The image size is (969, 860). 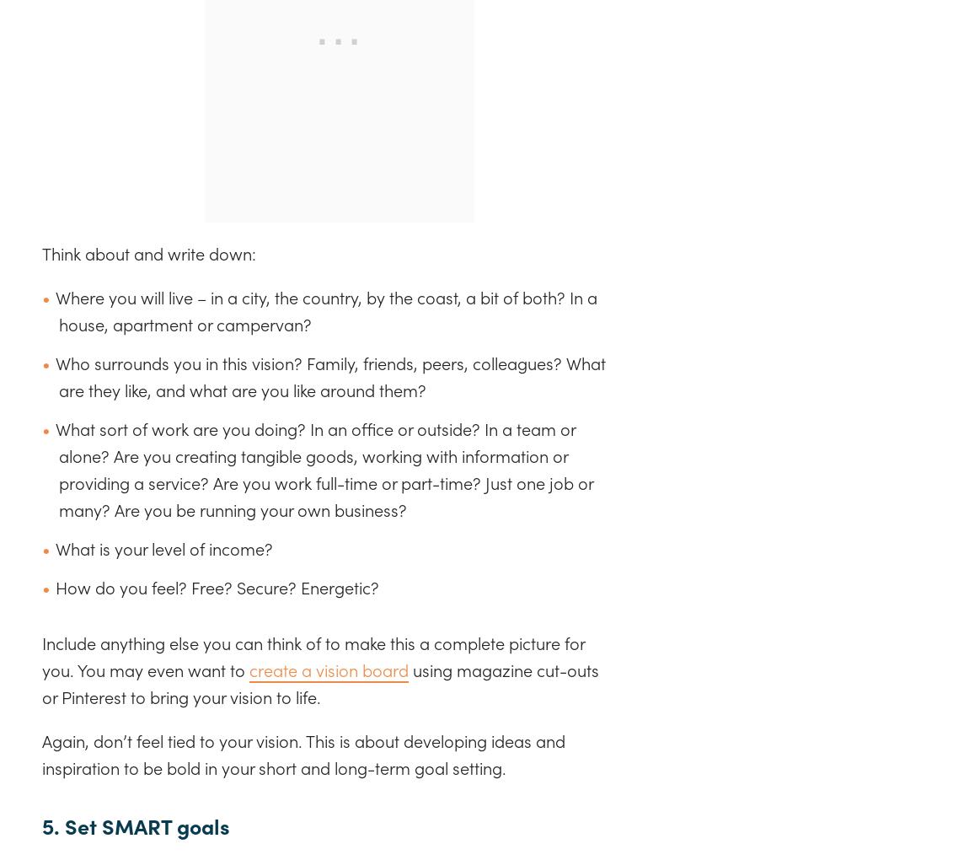 What do you see at coordinates (326, 309) in the screenshot?
I see `'Where you will live – in a city, the country, by the coast, a bit of both? In a house, apartment or campervan?'` at bounding box center [326, 309].